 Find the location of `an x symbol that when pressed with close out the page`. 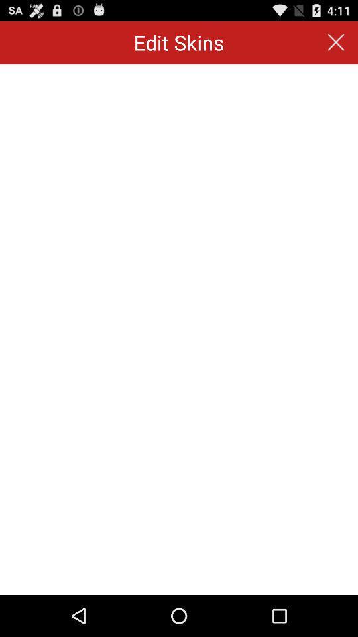

an x symbol that when pressed with close out the page is located at coordinates (336, 42).